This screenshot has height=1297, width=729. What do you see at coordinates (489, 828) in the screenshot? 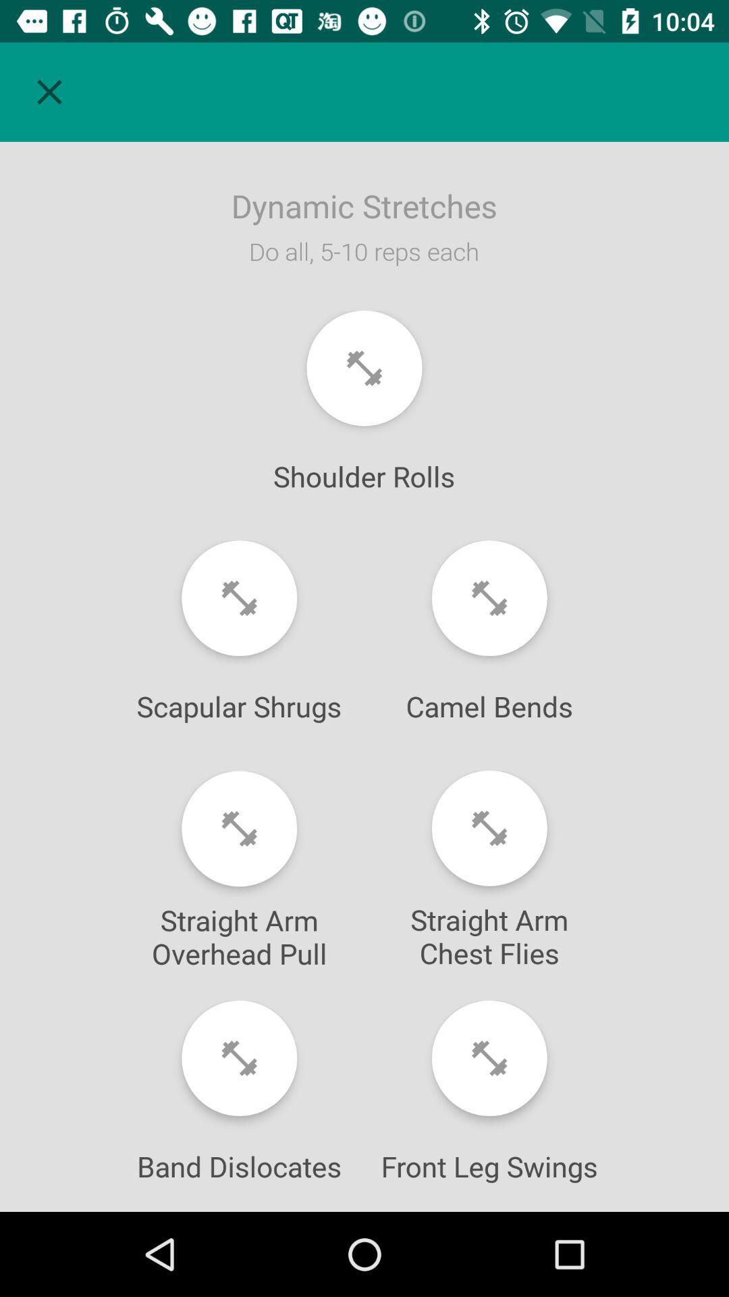
I see `number of sets for this exercise` at bounding box center [489, 828].